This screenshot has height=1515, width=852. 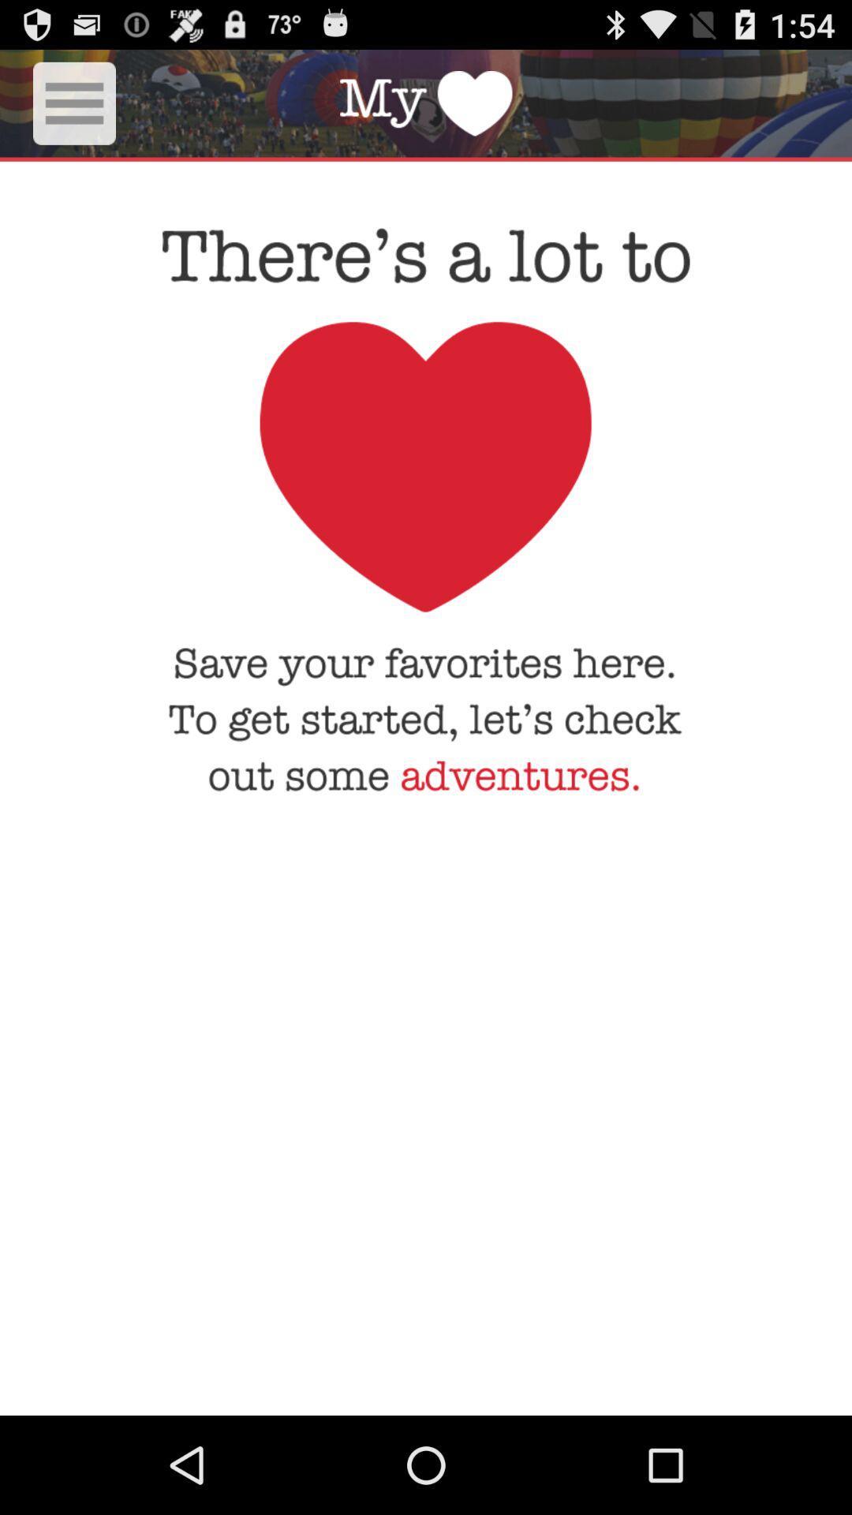 I want to click on show listings, so click(x=74, y=103).